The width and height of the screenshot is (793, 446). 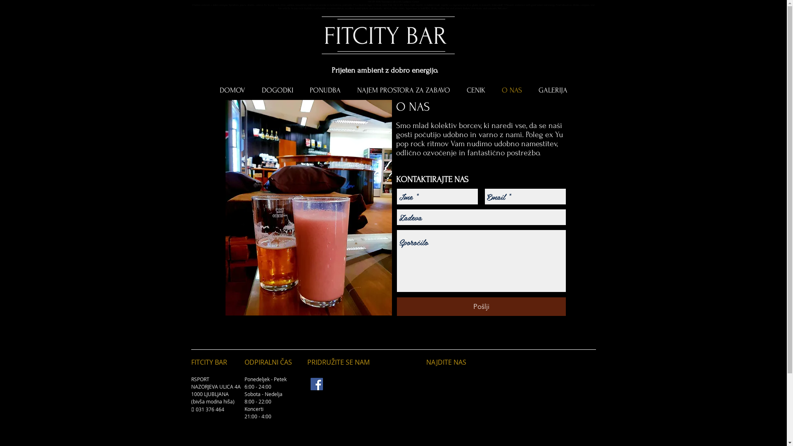 What do you see at coordinates (253, 90) in the screenshot?
I see `'DOGODKI'` at bounding box center [253, 90].